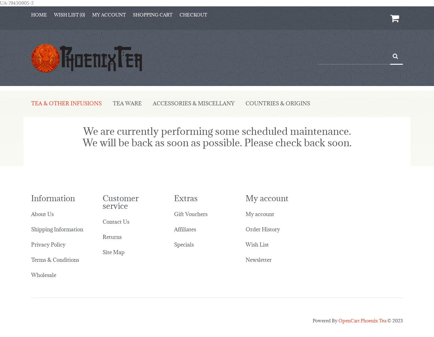  What do you see at coordinates (262, 224) in the screenshot?
I see `'Order History'` at bounding box center [262, 224].